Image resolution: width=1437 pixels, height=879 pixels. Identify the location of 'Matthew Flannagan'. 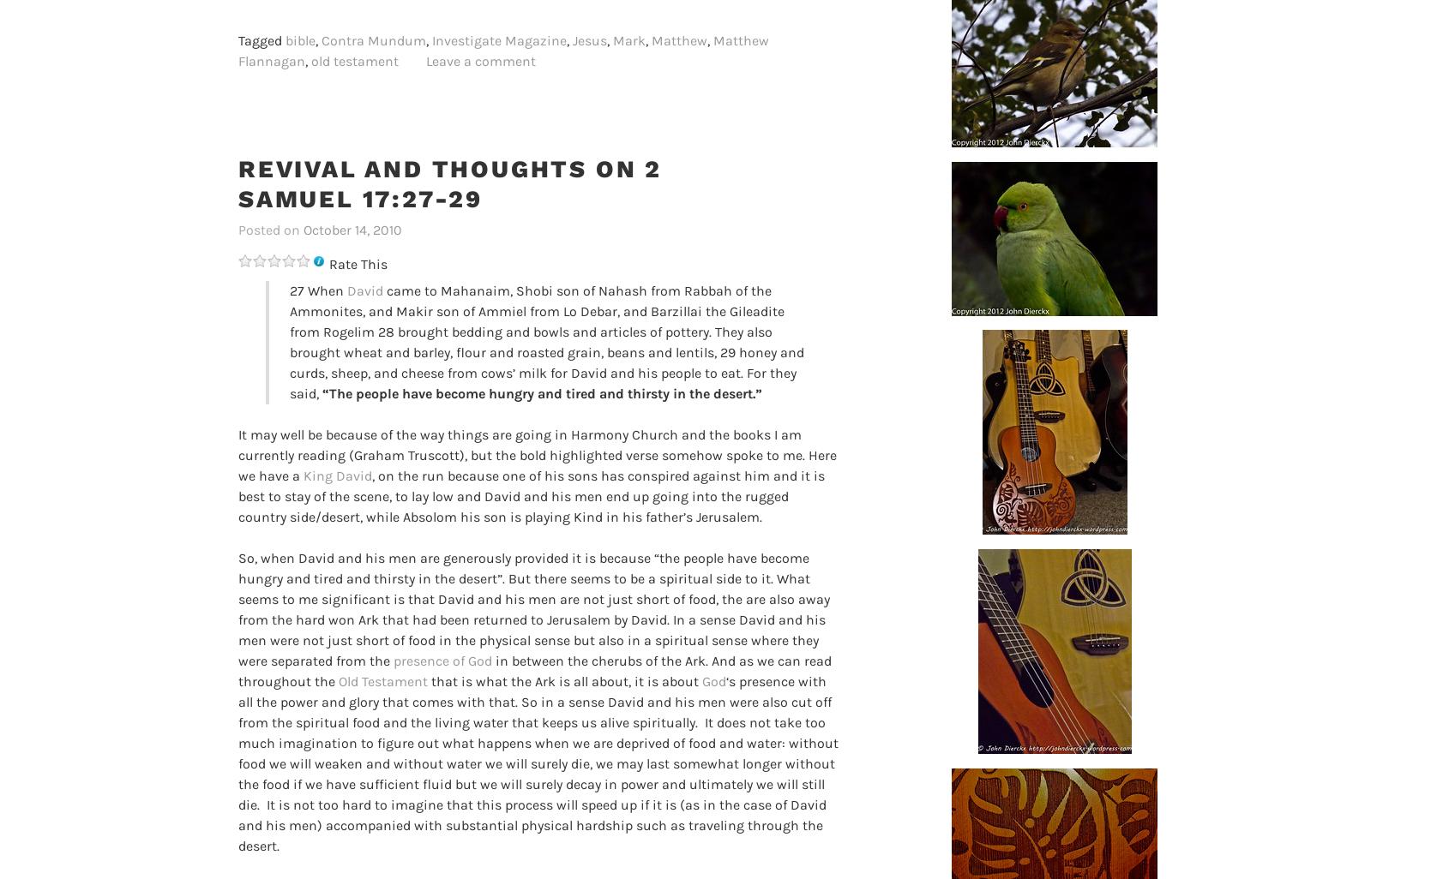
(503, 49).